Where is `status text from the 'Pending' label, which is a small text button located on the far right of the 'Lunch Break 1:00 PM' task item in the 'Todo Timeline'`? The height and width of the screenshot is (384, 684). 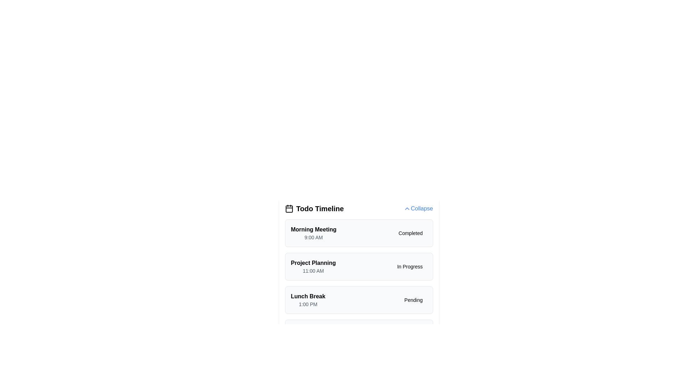 status text from the 'Pending' label, which is a small text button located on the far right of the 'Lunch Break 1:00 PM' task item in the 'Todo Timeline' is located at coordinates (413, 300).